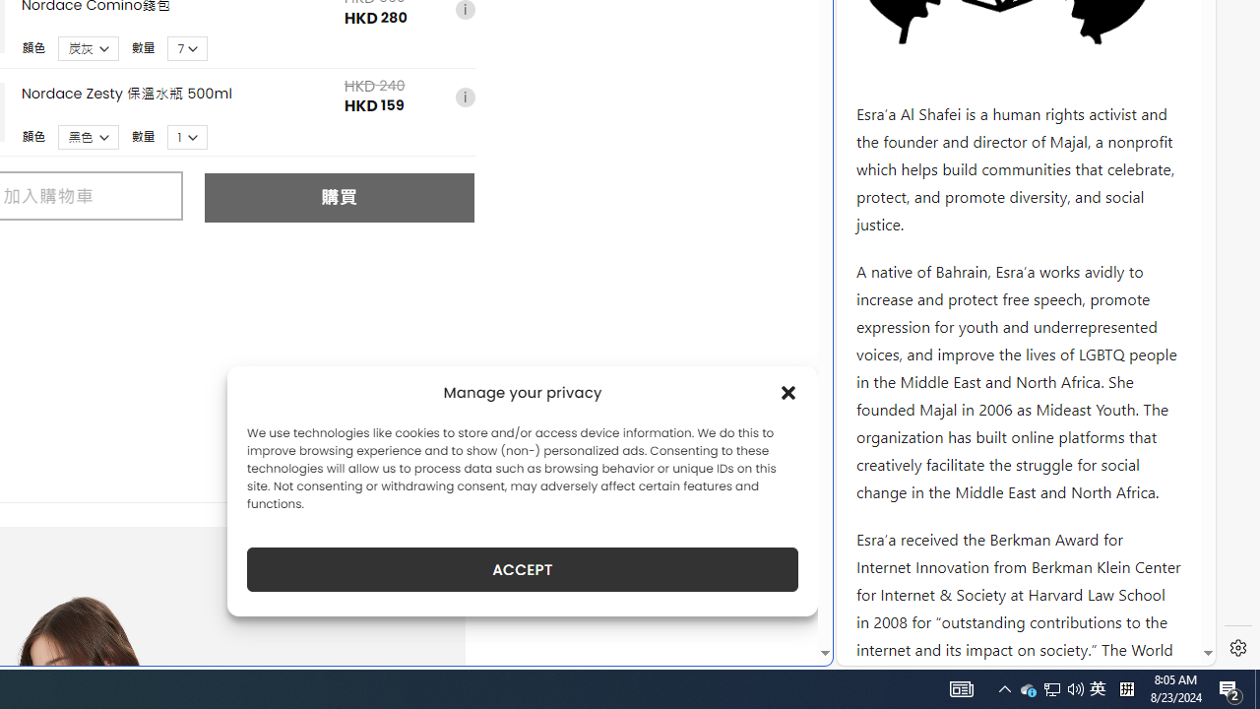  I want to click on 'i', so click(464, 97).